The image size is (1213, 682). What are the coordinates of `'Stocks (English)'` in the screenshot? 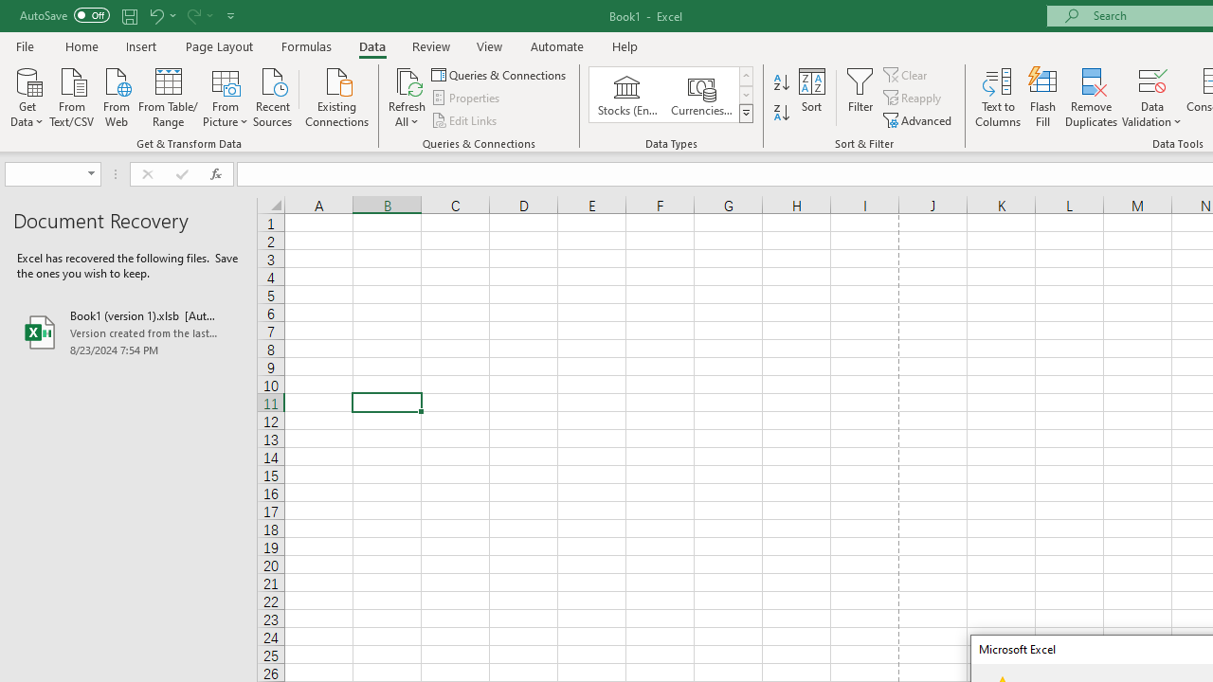 It's located at (627, 95).